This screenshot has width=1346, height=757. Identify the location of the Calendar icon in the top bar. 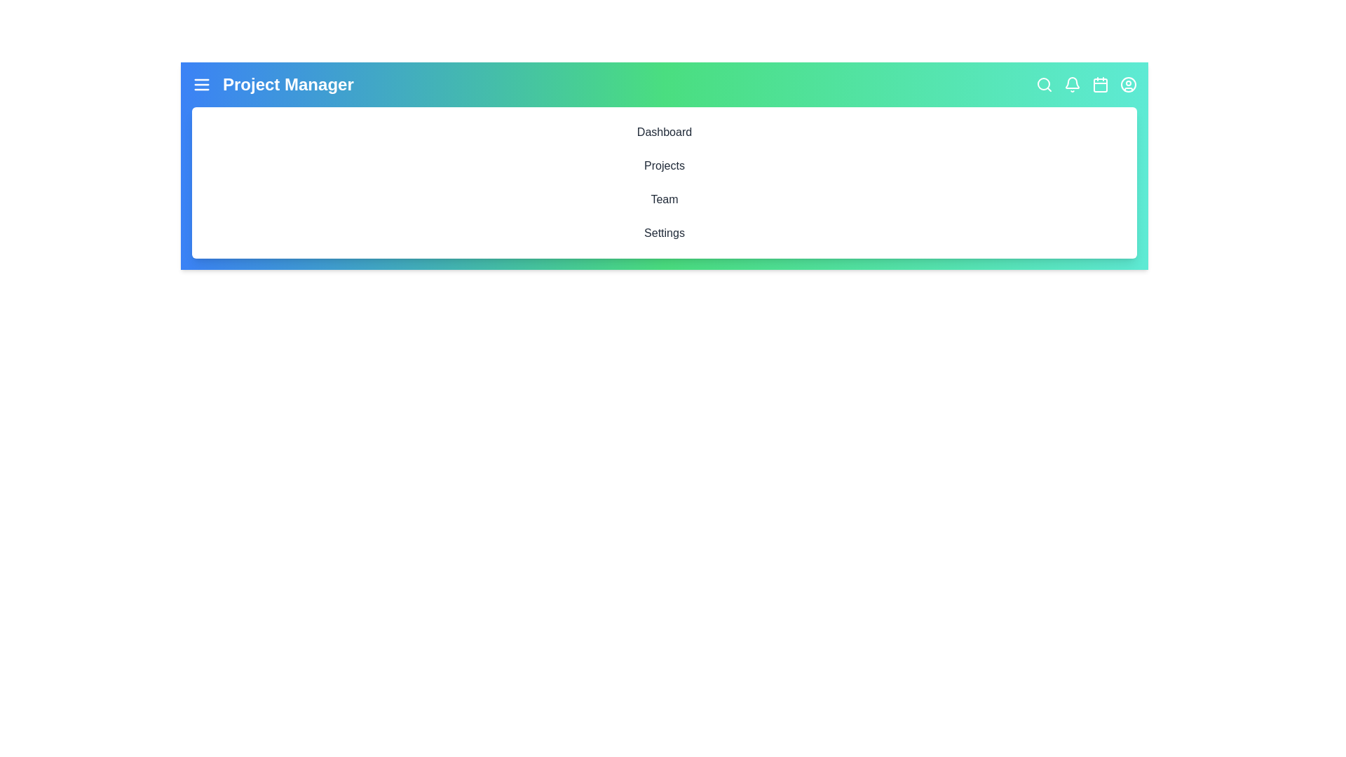
(1099, 84).